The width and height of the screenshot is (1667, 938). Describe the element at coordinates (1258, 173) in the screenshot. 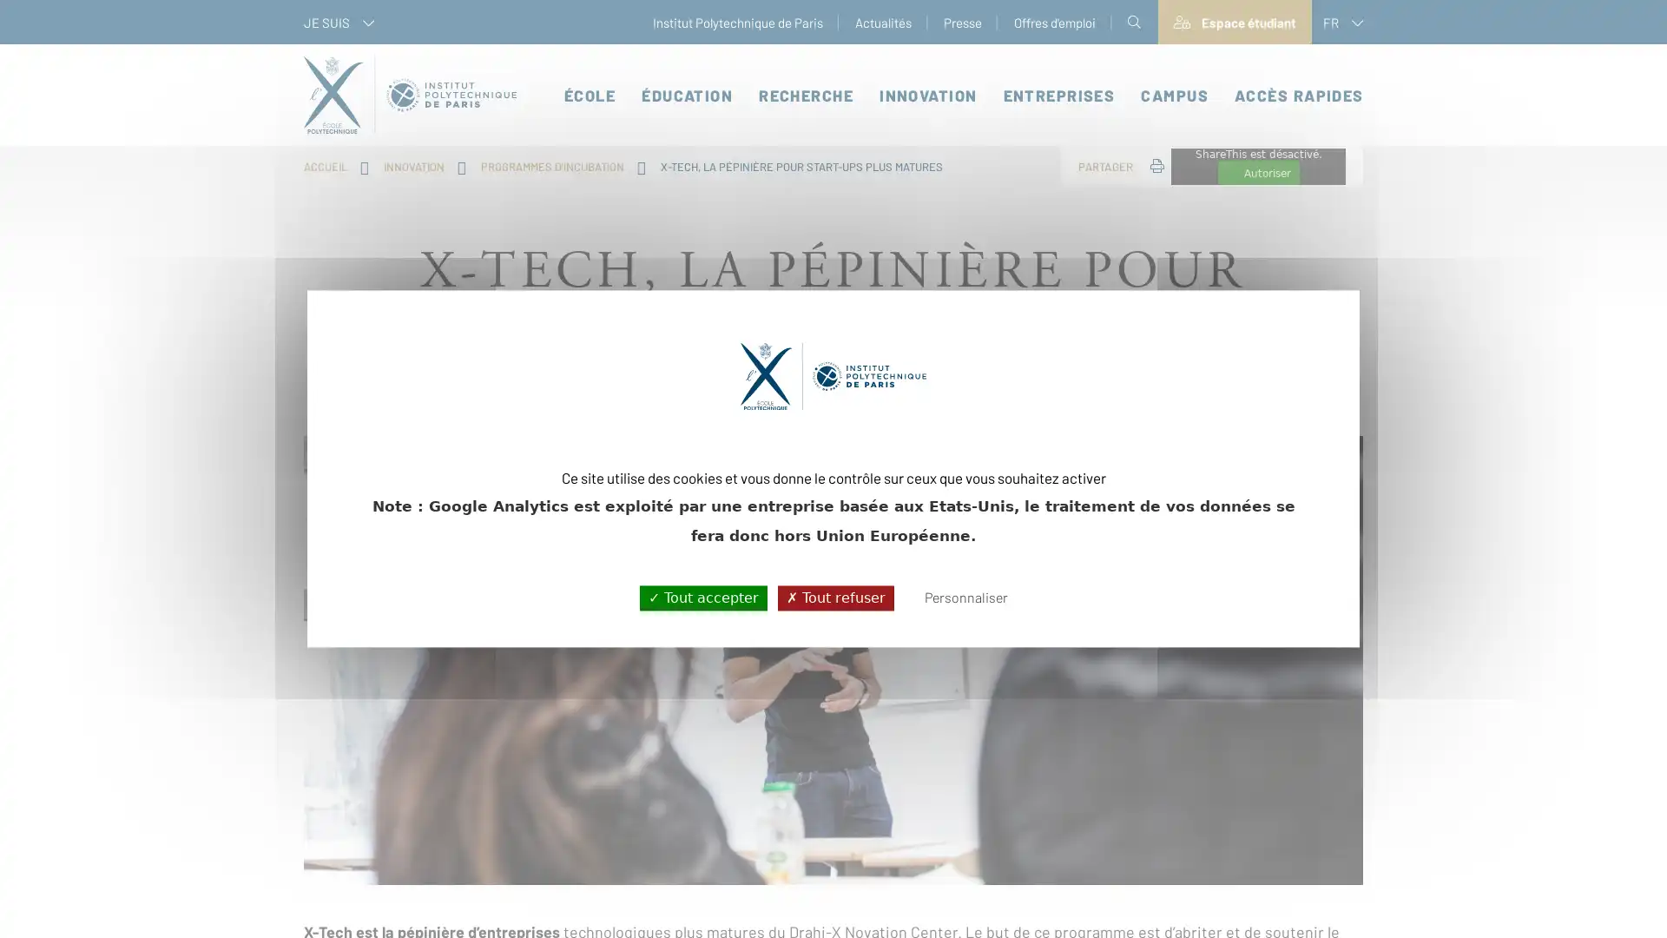

I see `Autoriser` at that location.